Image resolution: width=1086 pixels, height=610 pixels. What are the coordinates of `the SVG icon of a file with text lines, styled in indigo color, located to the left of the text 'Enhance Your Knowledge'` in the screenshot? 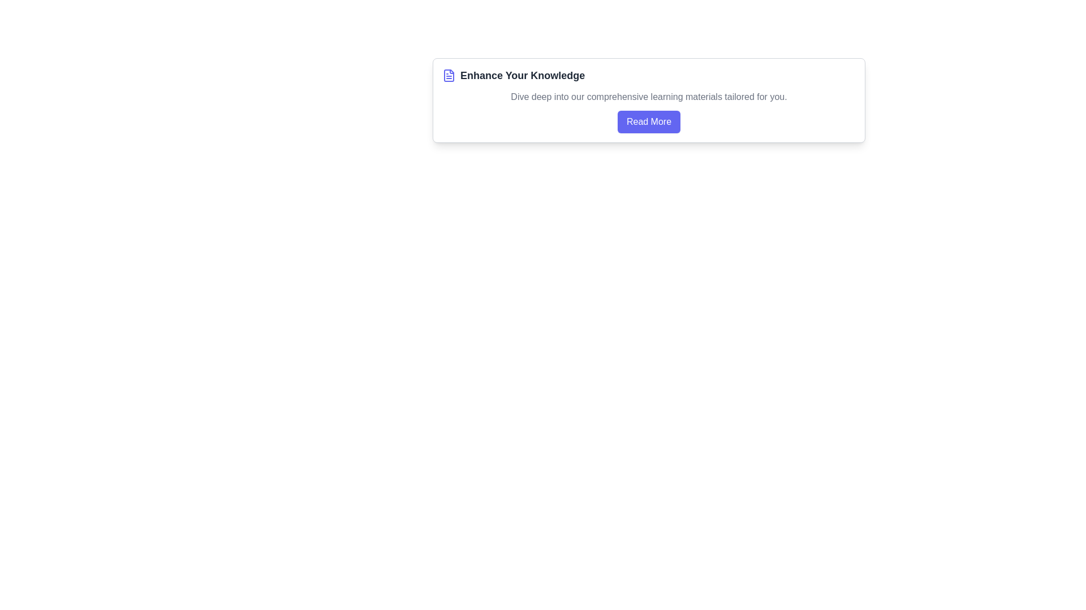 It's located at (448, 76).